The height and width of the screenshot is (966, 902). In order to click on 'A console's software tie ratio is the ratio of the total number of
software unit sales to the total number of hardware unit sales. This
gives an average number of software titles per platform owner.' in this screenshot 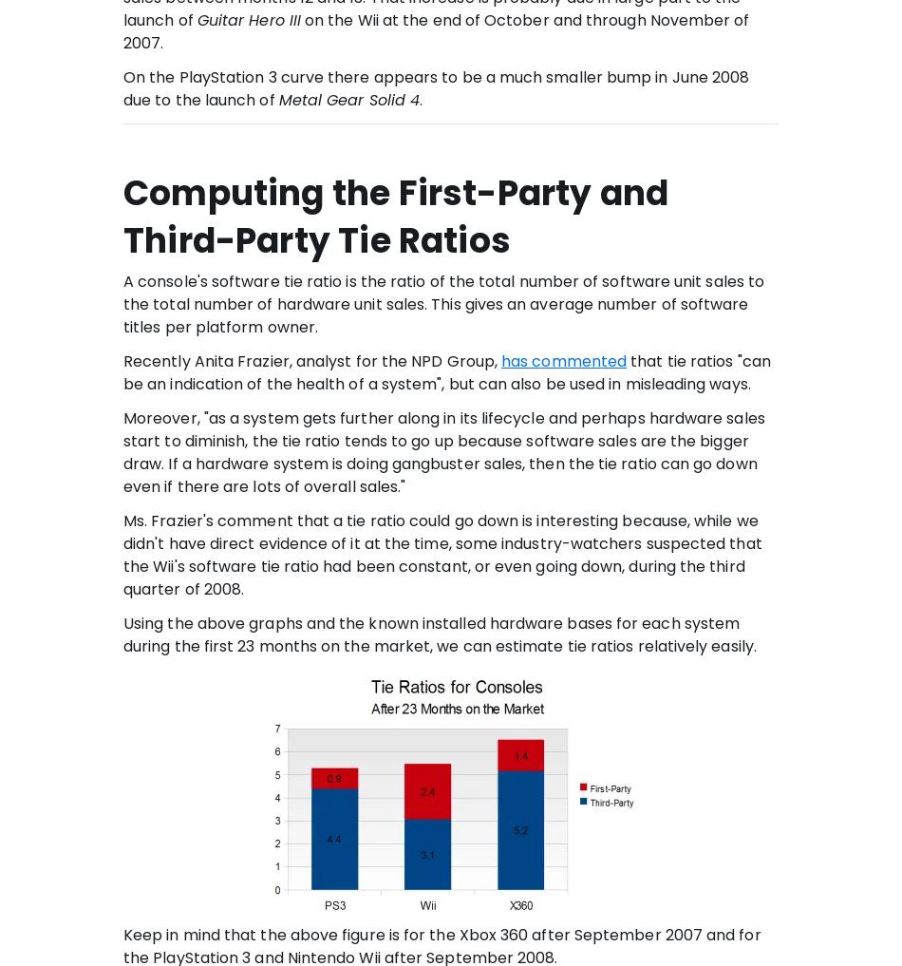, I will do `click(442, 303)`.